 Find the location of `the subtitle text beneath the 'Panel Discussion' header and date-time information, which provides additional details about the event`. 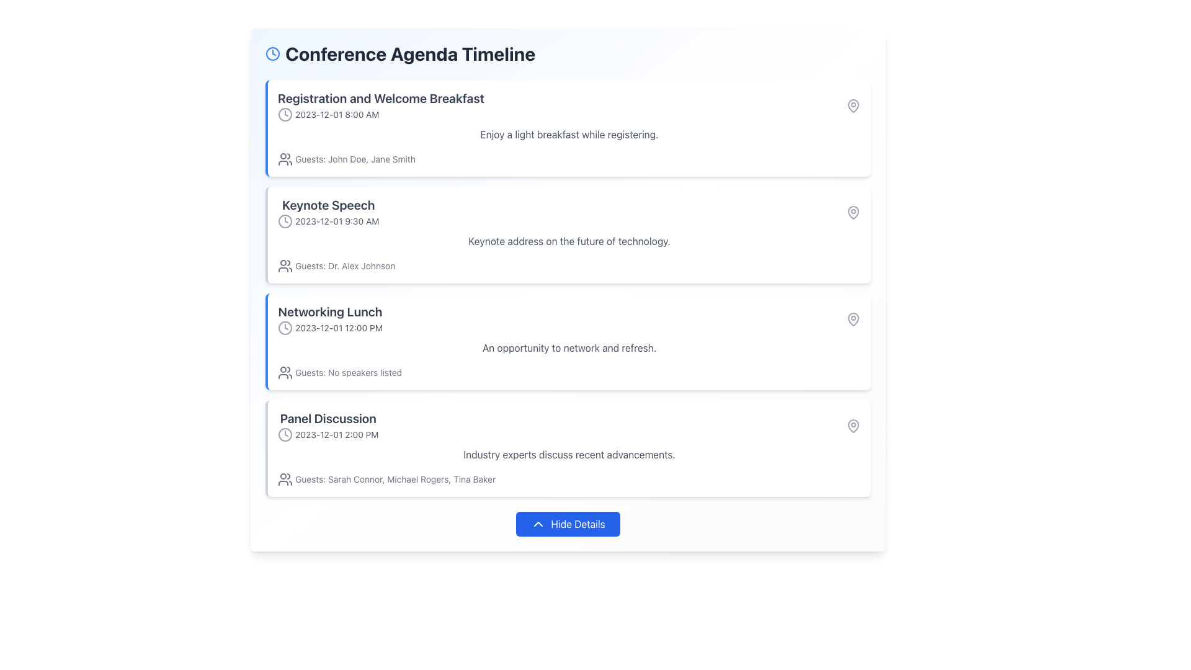

the subtitle text beneath the 'Panel Discussion' header and date-time information, which provides additional details about the event is located at coordinates (568, 454).